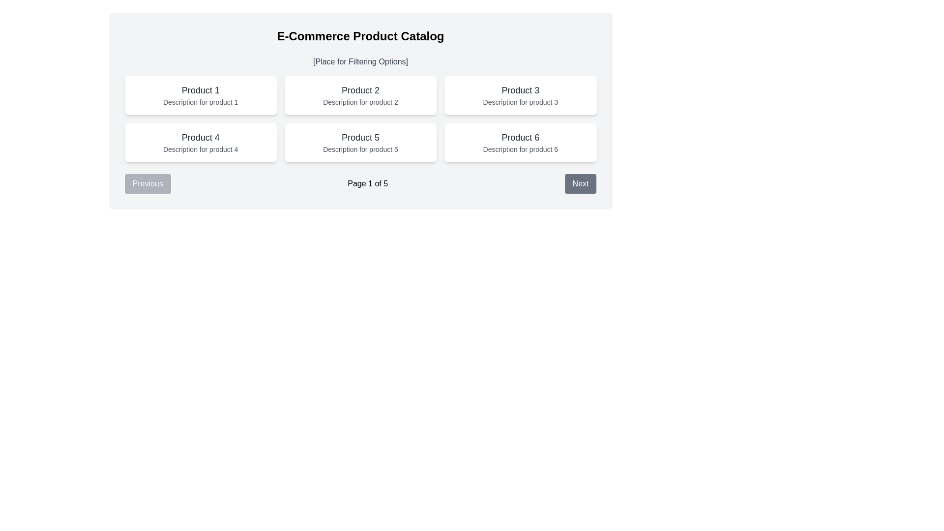 The width and height of the screenshot is (944, 531). What do you see at coordinates (520, 90) in the screenshot?
I see `text label displaying the product title located in the third card of the second position in the first row of a two-by-three grid layout` at bounding box center [520, 90].